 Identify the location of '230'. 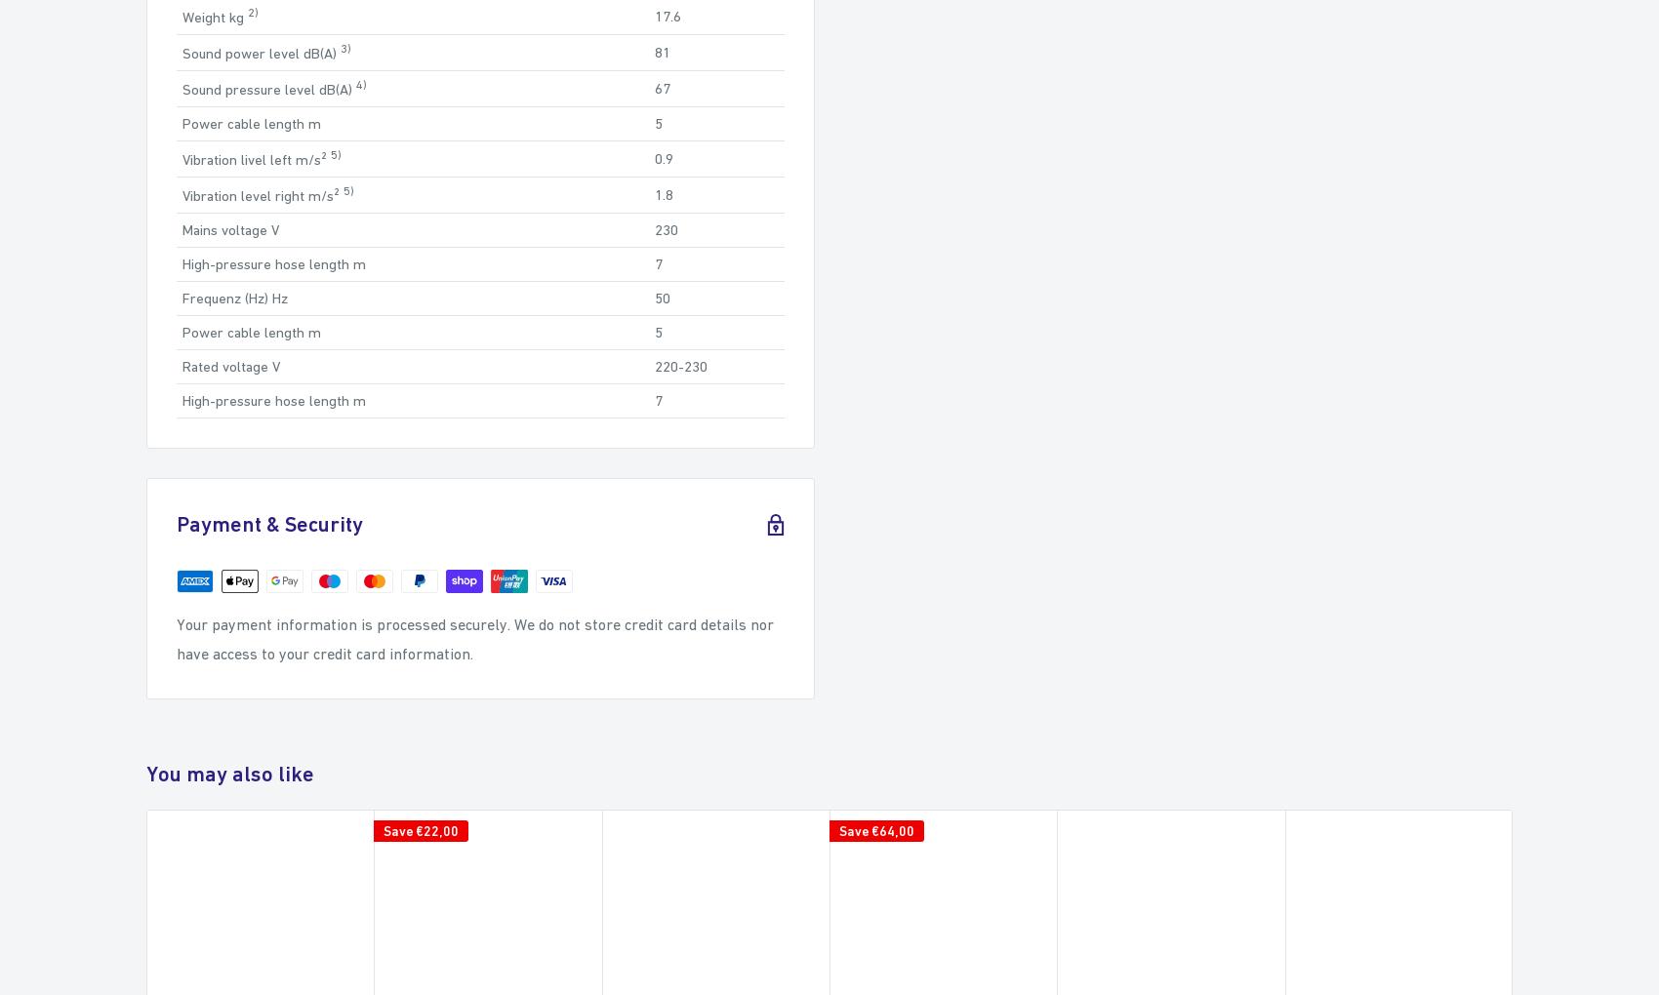
(666, 229).